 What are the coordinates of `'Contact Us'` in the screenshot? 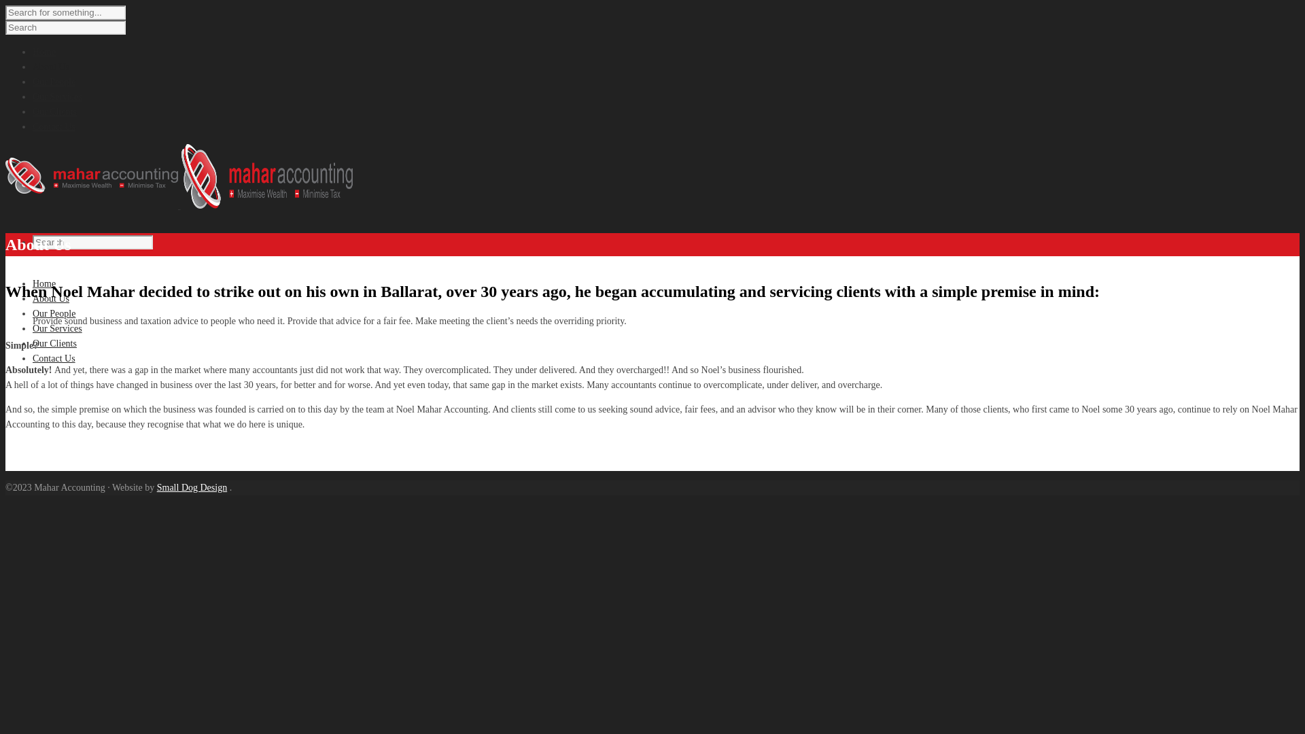 It's located at (54, 357).